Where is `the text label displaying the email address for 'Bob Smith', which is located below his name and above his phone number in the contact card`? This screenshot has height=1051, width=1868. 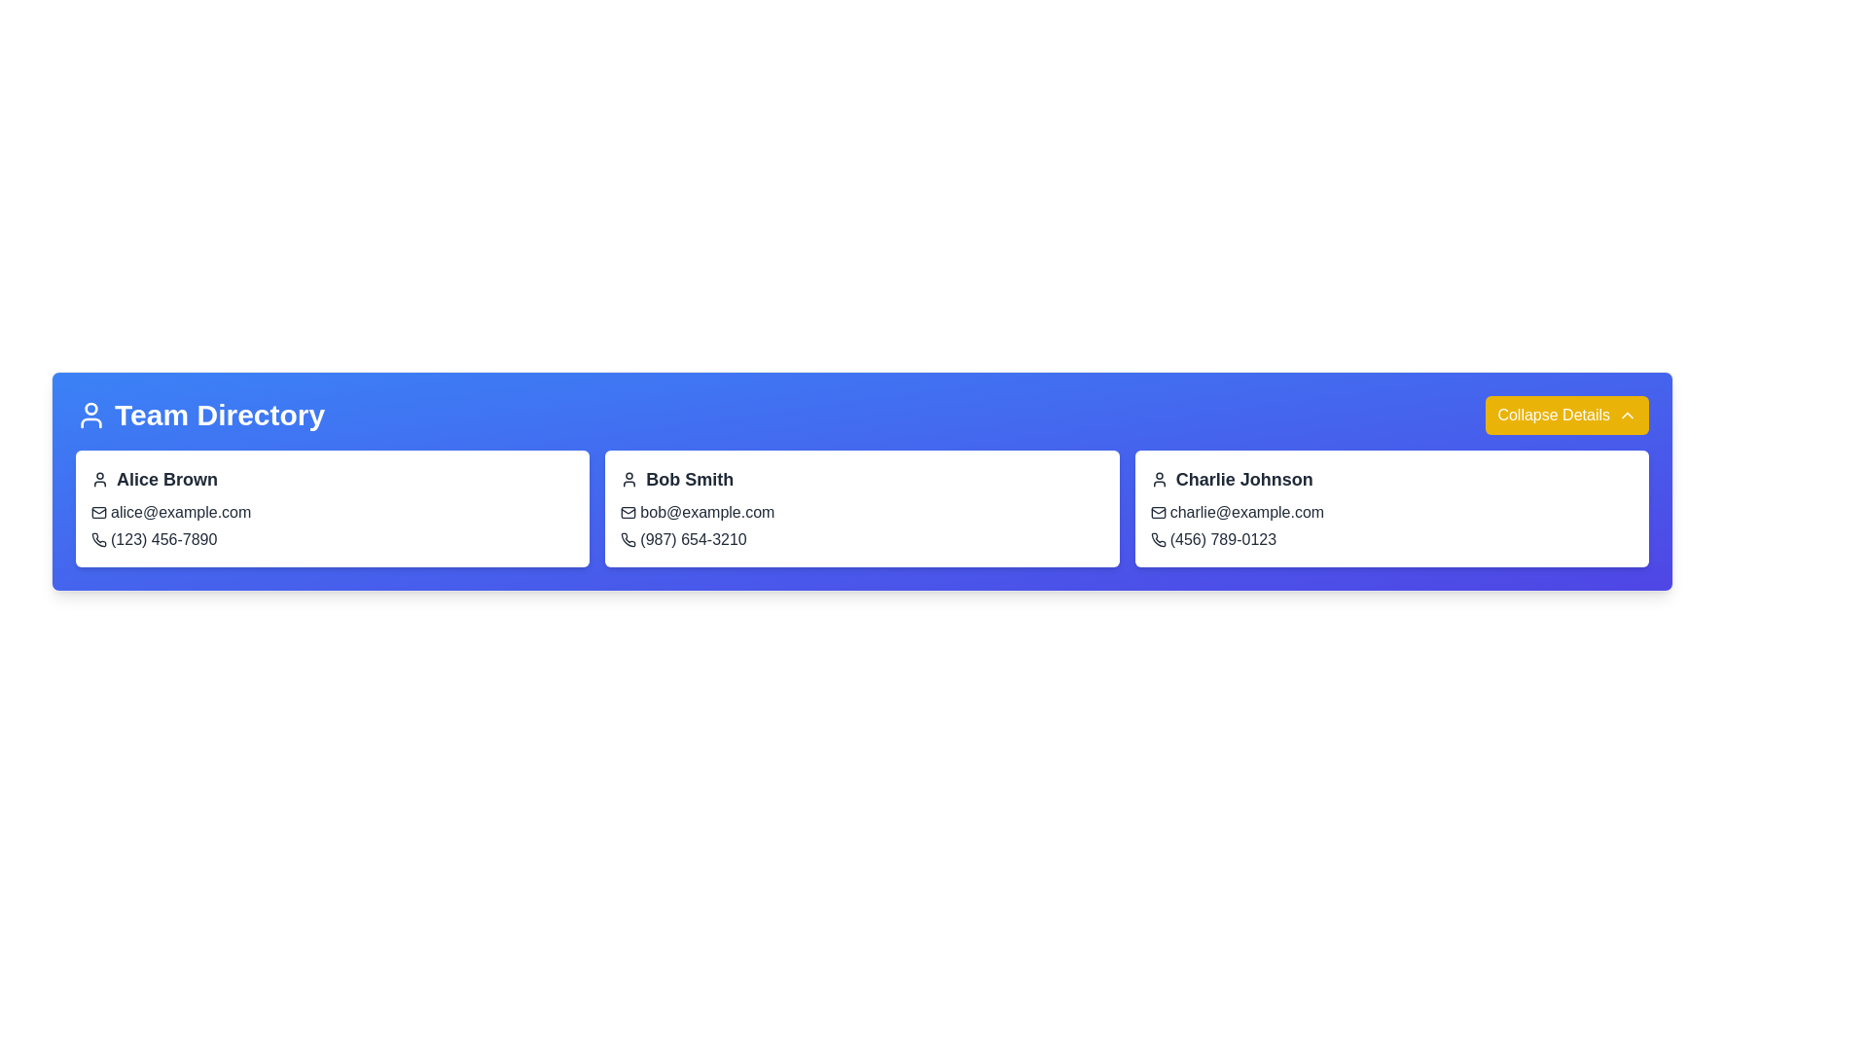 the text label displaying the email address for 'Bob Smith', which is located below his name and above his phone number in the contact card is located at coordinates (698, 512).